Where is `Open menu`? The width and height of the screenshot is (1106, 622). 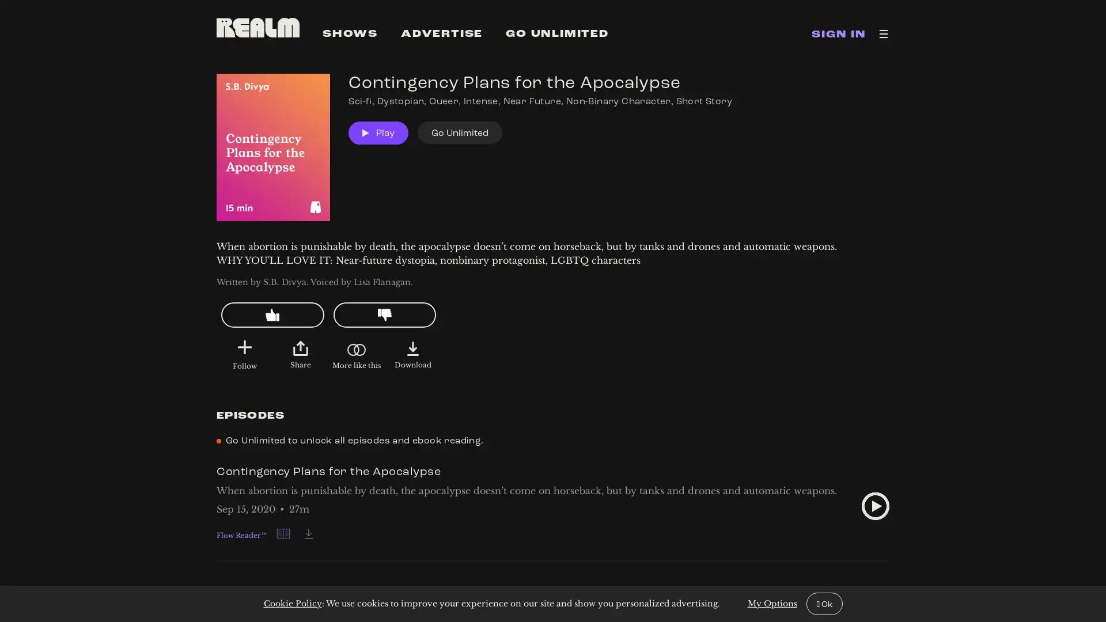
Open menu is located at coordinates (883, 33).